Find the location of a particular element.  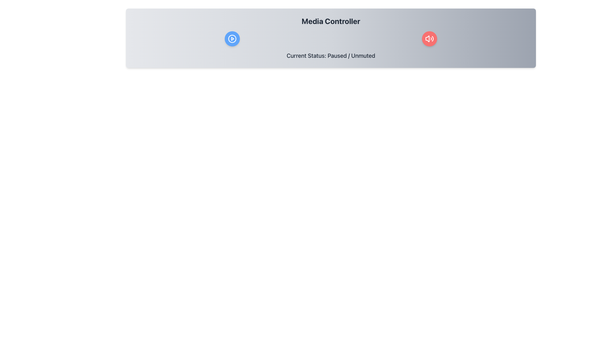

the play icon located at the center of the blue circular button on the left side of the 'Media Controller' bar is located at coordinates (232, 39).